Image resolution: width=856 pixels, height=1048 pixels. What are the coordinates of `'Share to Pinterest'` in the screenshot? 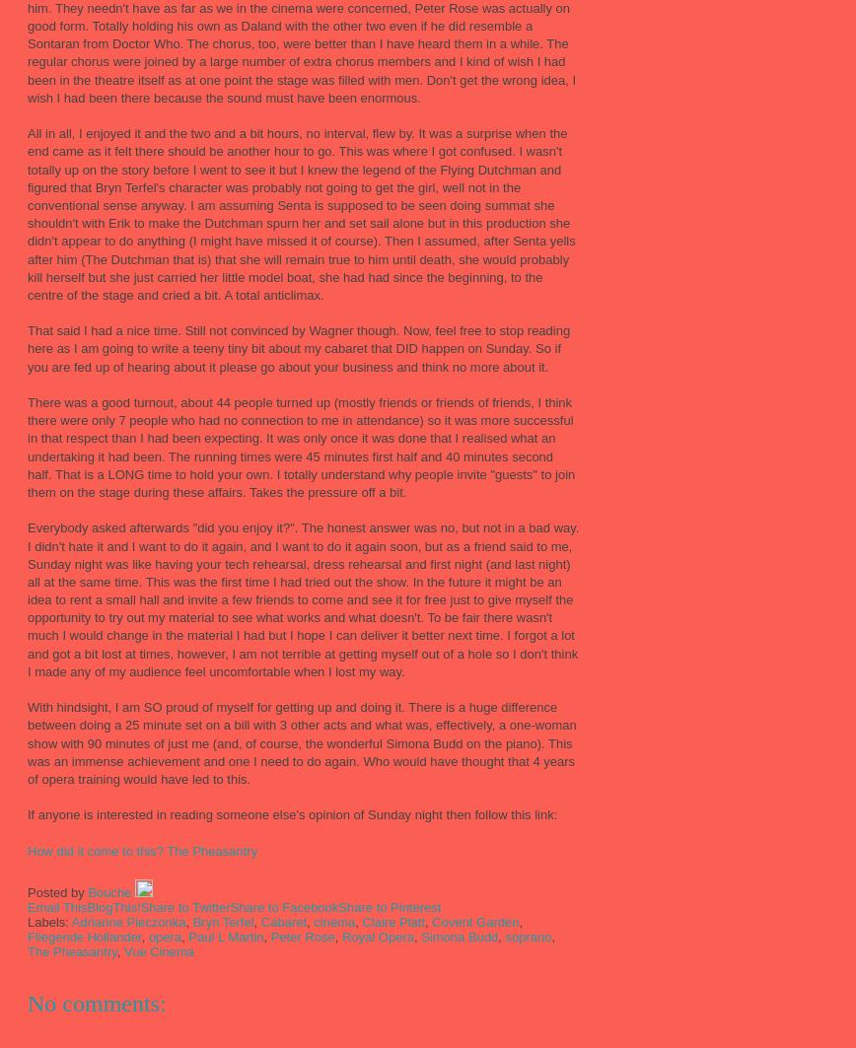 It's located at (390, 906).